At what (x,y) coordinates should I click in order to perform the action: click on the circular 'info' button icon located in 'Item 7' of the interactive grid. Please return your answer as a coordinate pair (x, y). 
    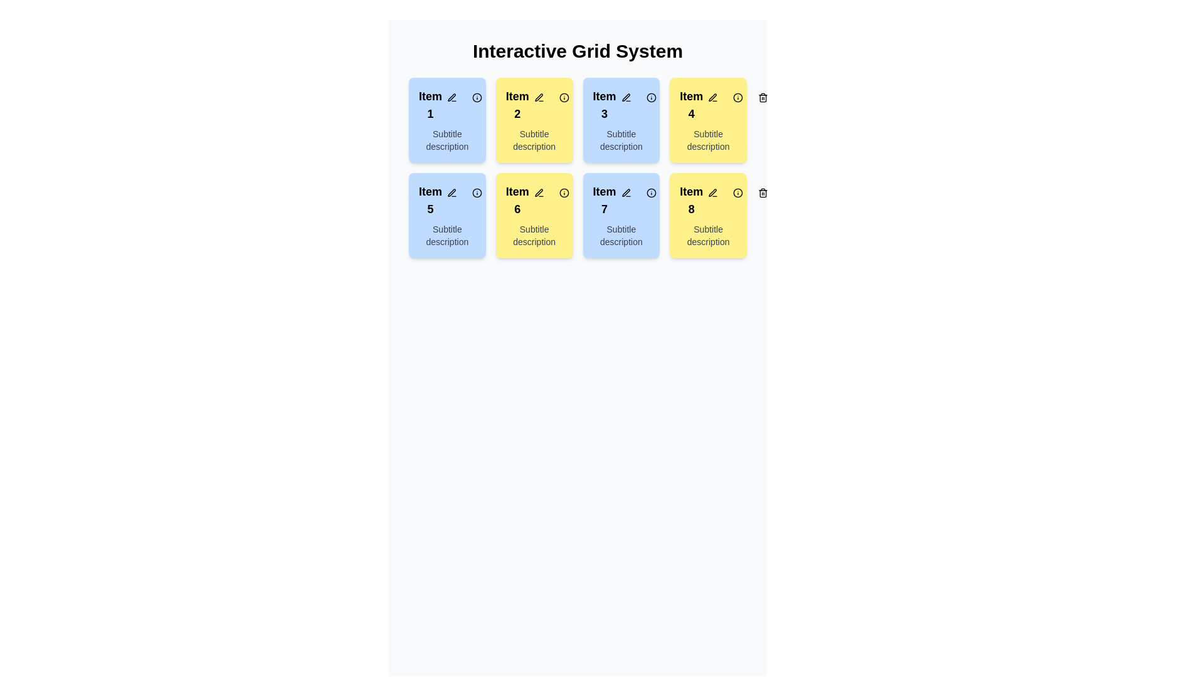
    Looking at the image, I should click on (651, 193).